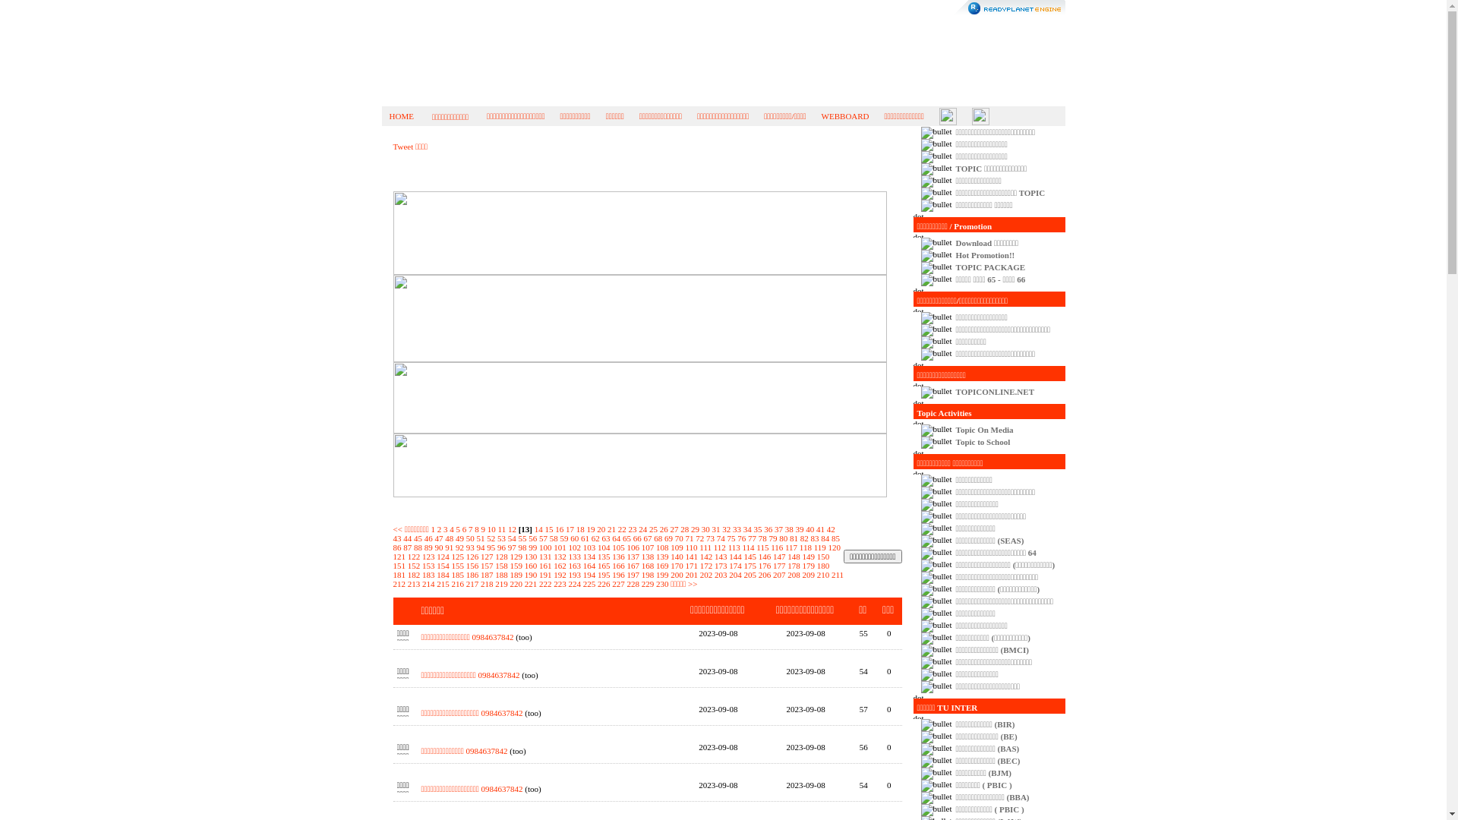 This screenshot has height=820, width=1458. Describe the element at coordinates (658, 538) in the screenshot. I see `'68'` at that location.